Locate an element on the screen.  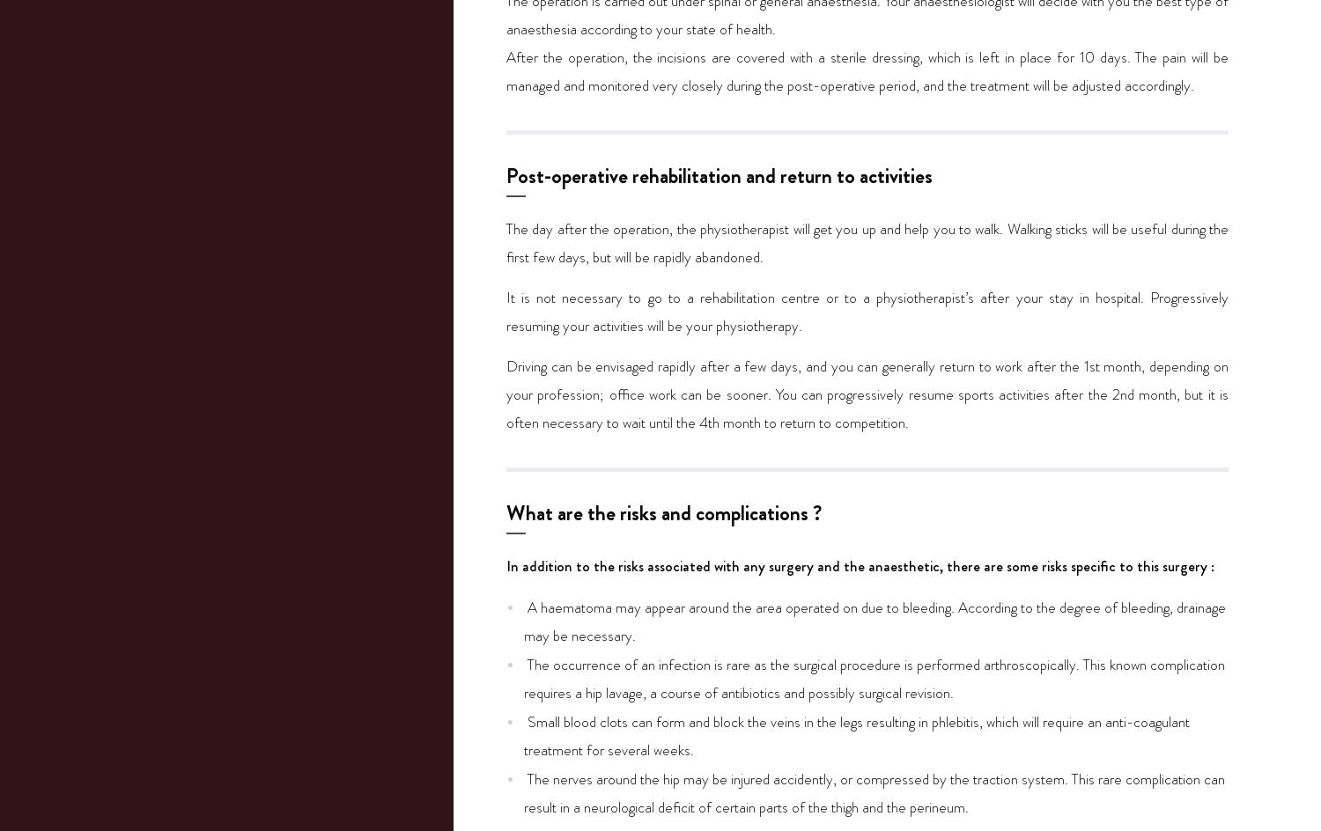
'The occurrence of an infection is rare as the surgical procedure is performed arthroscopically. This known complication requires a hip lavage, a course of antibiotics and possibly surgical revision.' is located at coordinates (874, 677).